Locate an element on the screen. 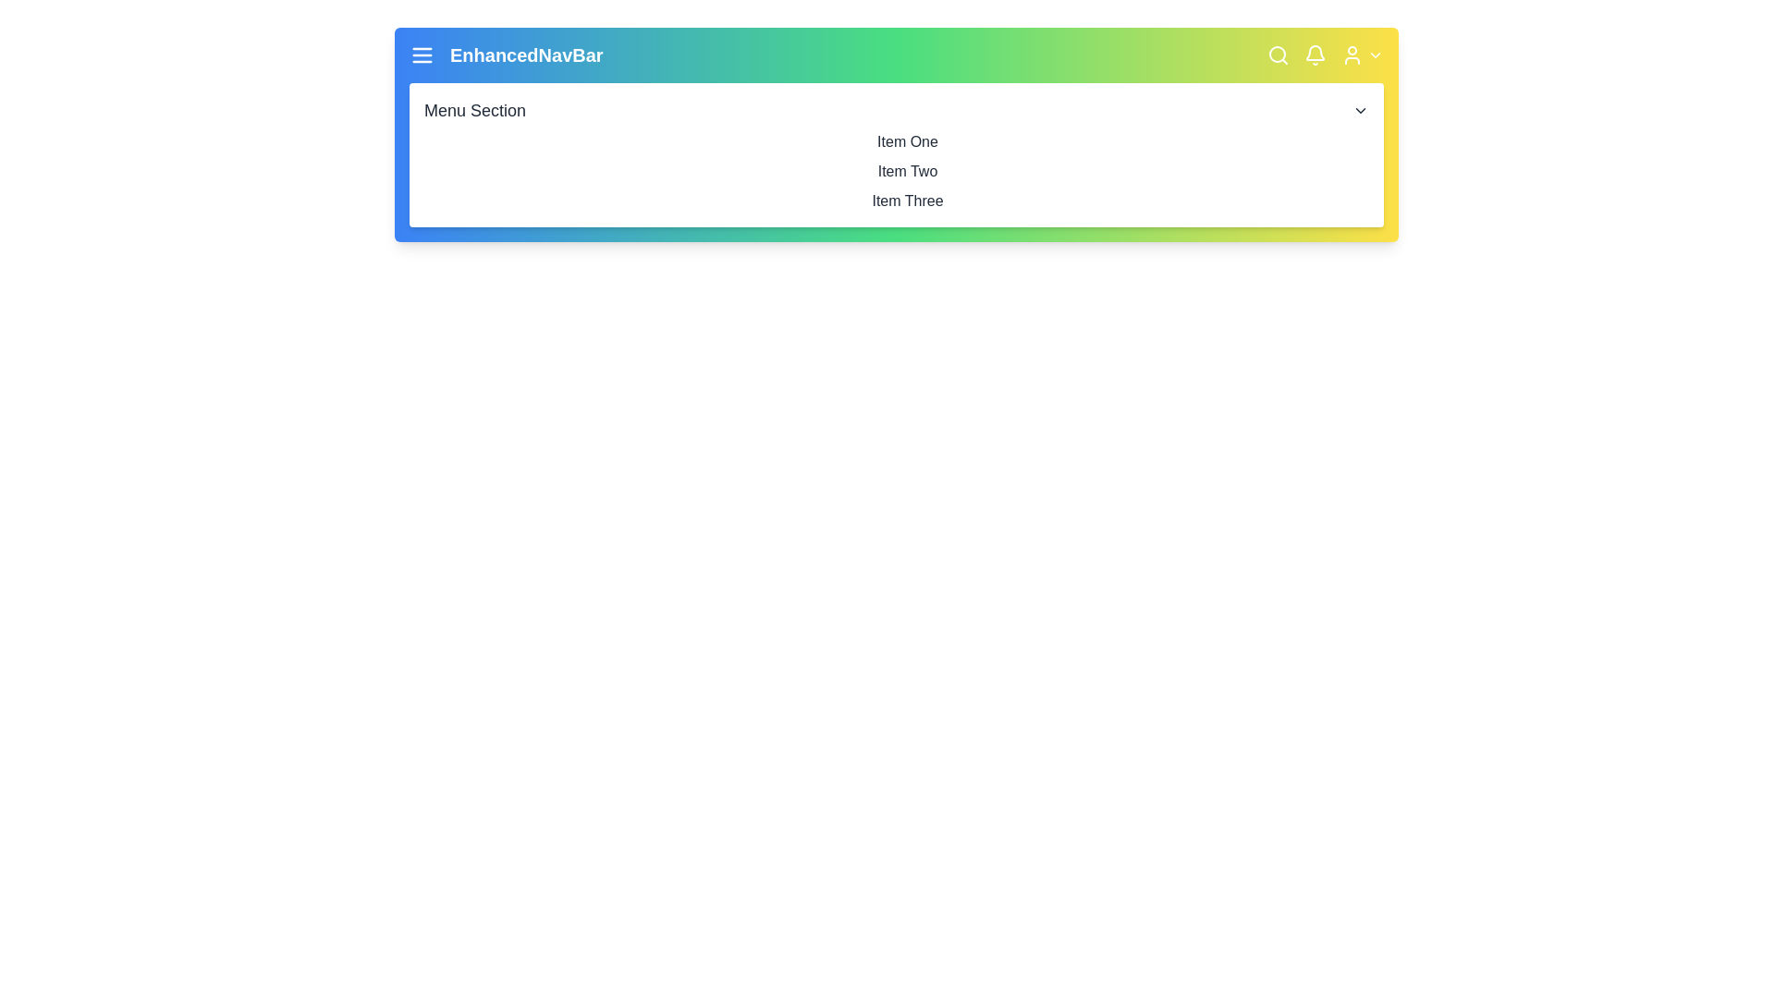 The height and width of the screenshot is (998, 1775). the arrow icon to toggle the menu section is located at coordinates (1361, 110).